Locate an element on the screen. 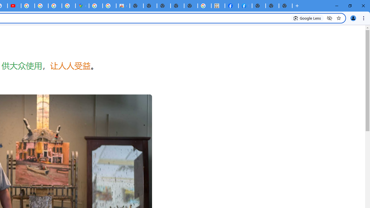  'Chrome Web Store - Shopping' is located at coordinates (123, 6).